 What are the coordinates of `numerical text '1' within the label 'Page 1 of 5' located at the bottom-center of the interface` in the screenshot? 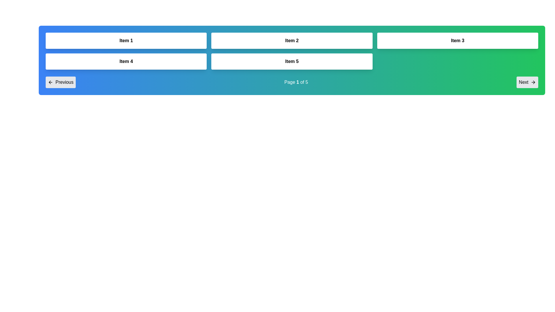 It's located at (298, 82).